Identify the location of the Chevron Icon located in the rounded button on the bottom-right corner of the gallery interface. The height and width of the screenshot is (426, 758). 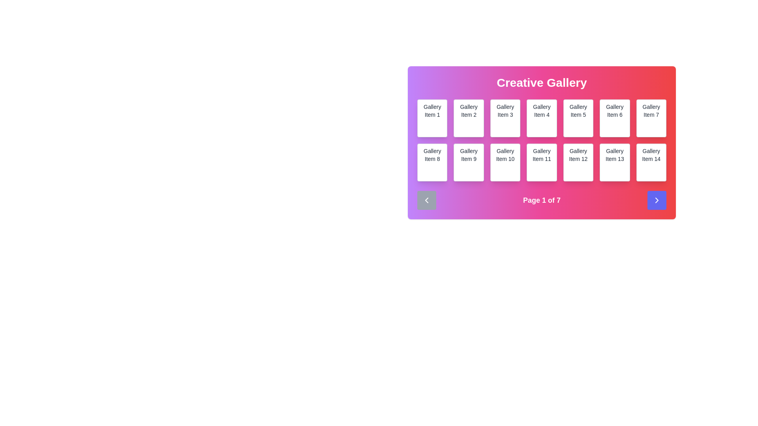
(657, 200).